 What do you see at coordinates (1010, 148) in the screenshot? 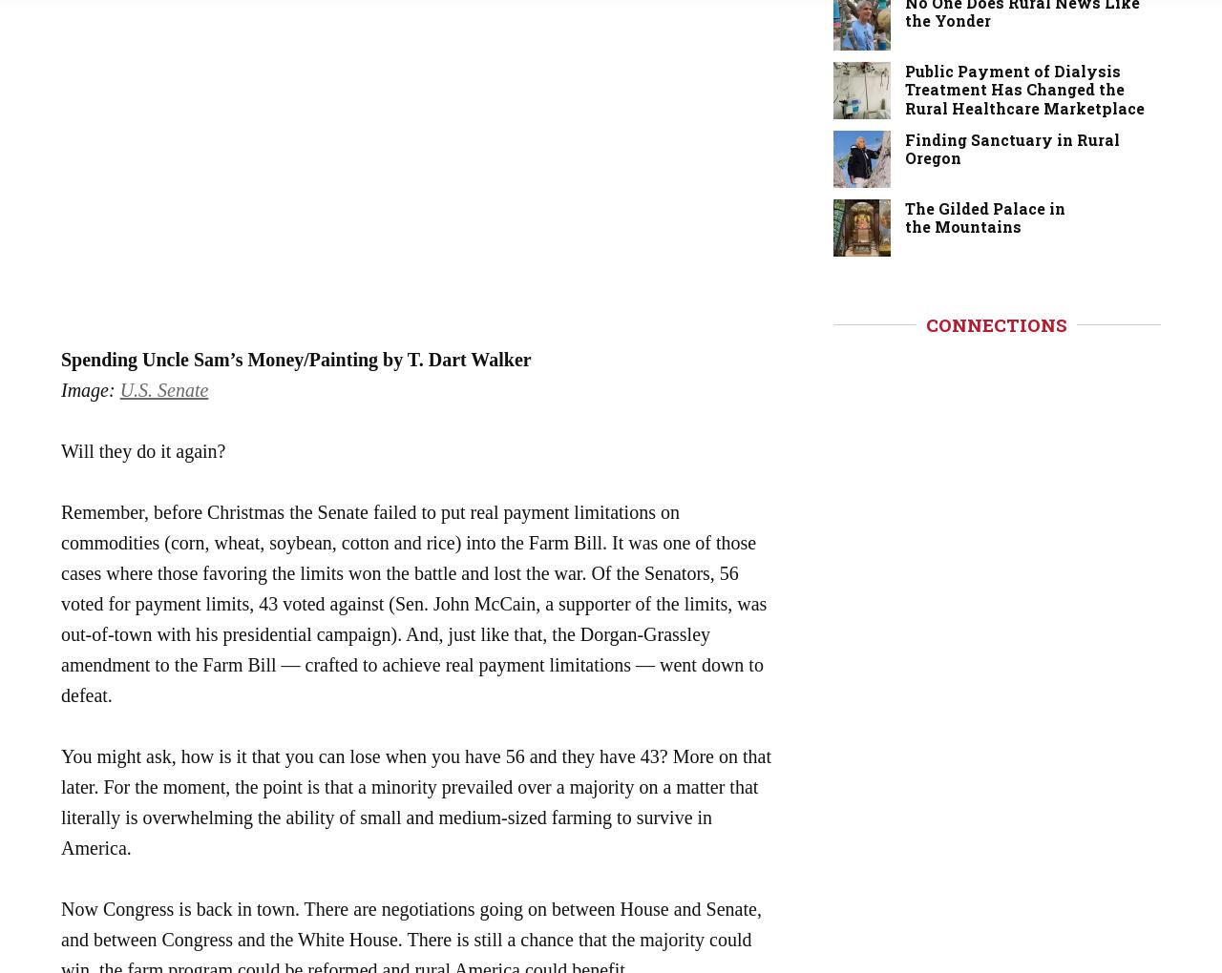
I see `'Finding Sanctuary in Rural Oregon'` at bounding box center [1010, 148].